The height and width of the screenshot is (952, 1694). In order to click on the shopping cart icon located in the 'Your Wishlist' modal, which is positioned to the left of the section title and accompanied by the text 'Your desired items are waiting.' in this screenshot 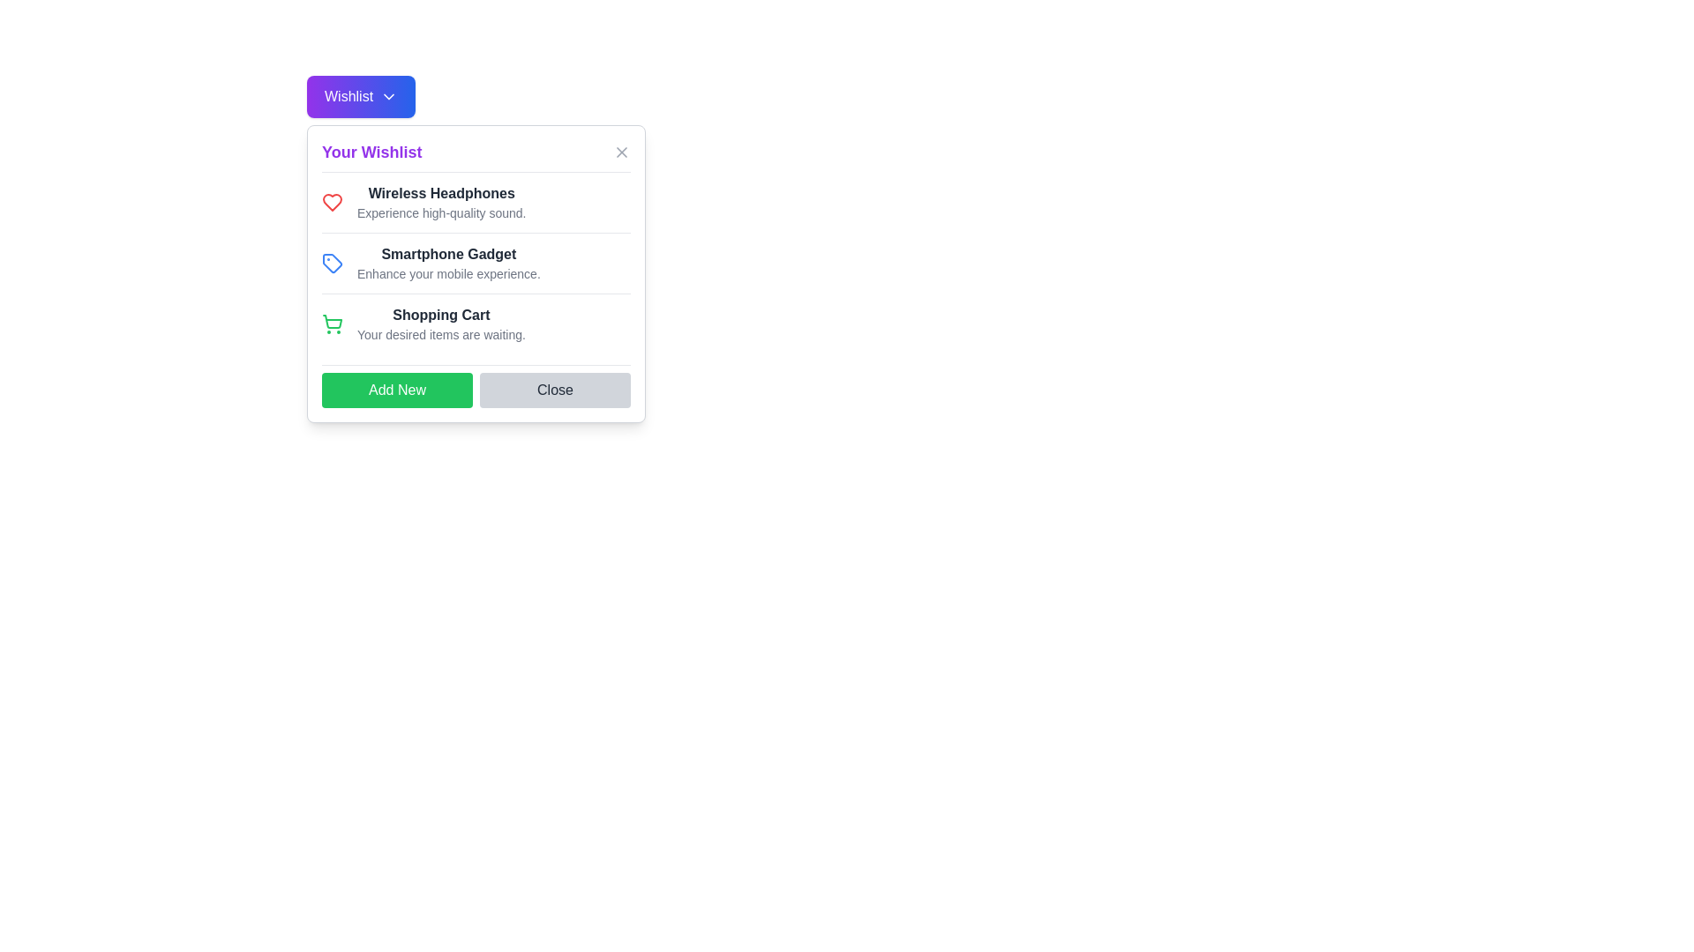, I will do `click(333, 322)`.